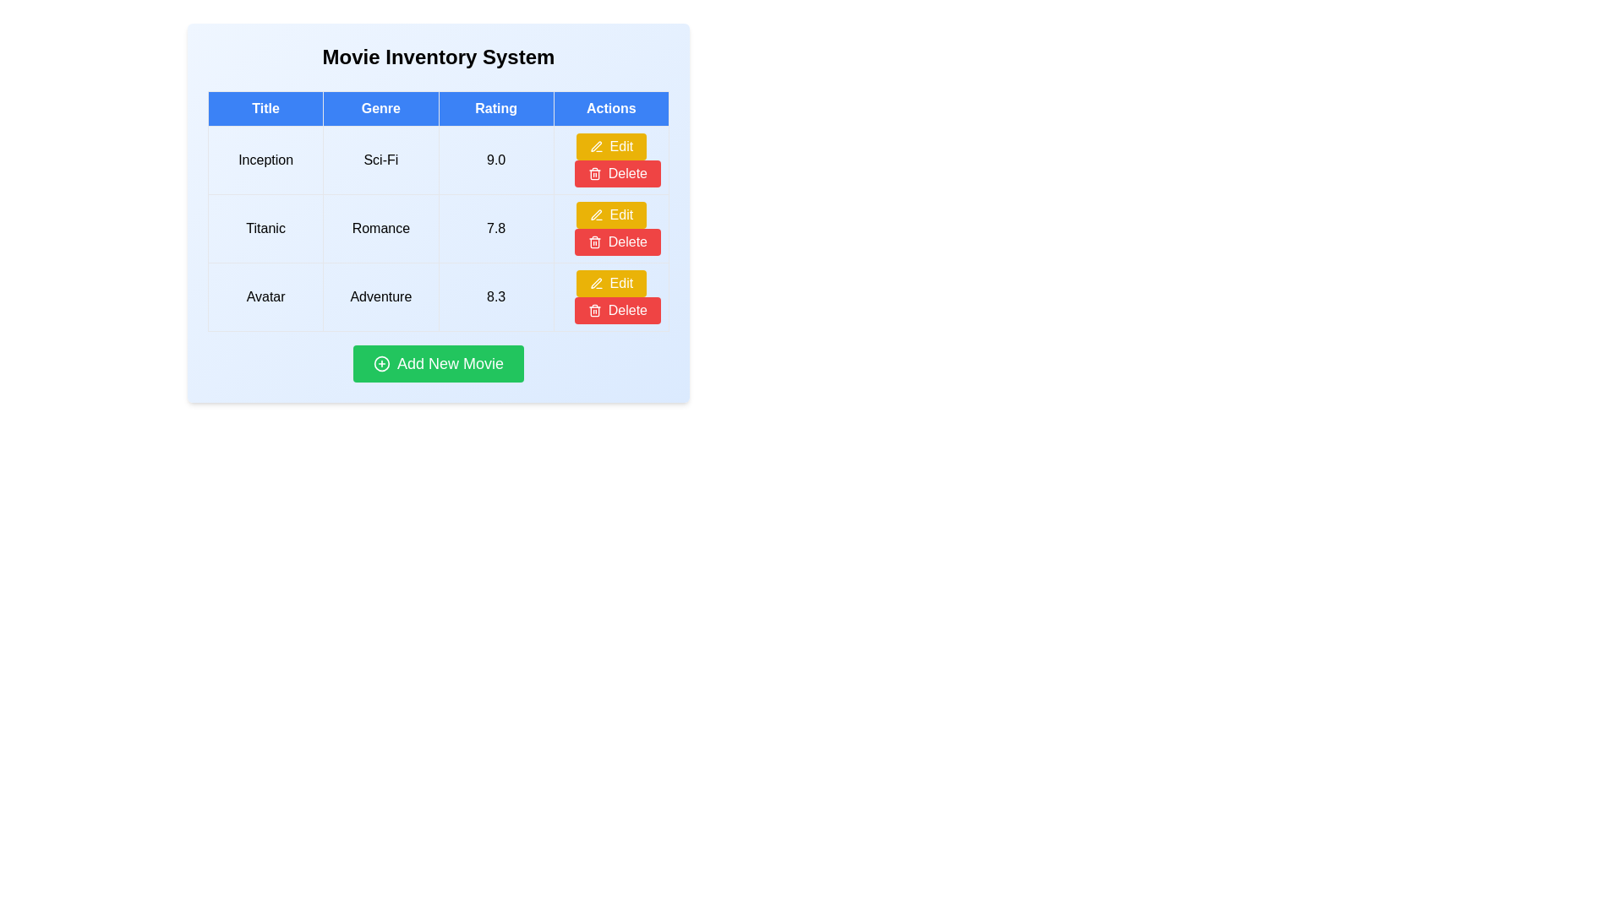  Describe the element at coordinates (265, 108) in the screenshot. I see `text 'Title' from the table header cell, which has a blue background and white bold text, indicating the purpose of the column` at that location.